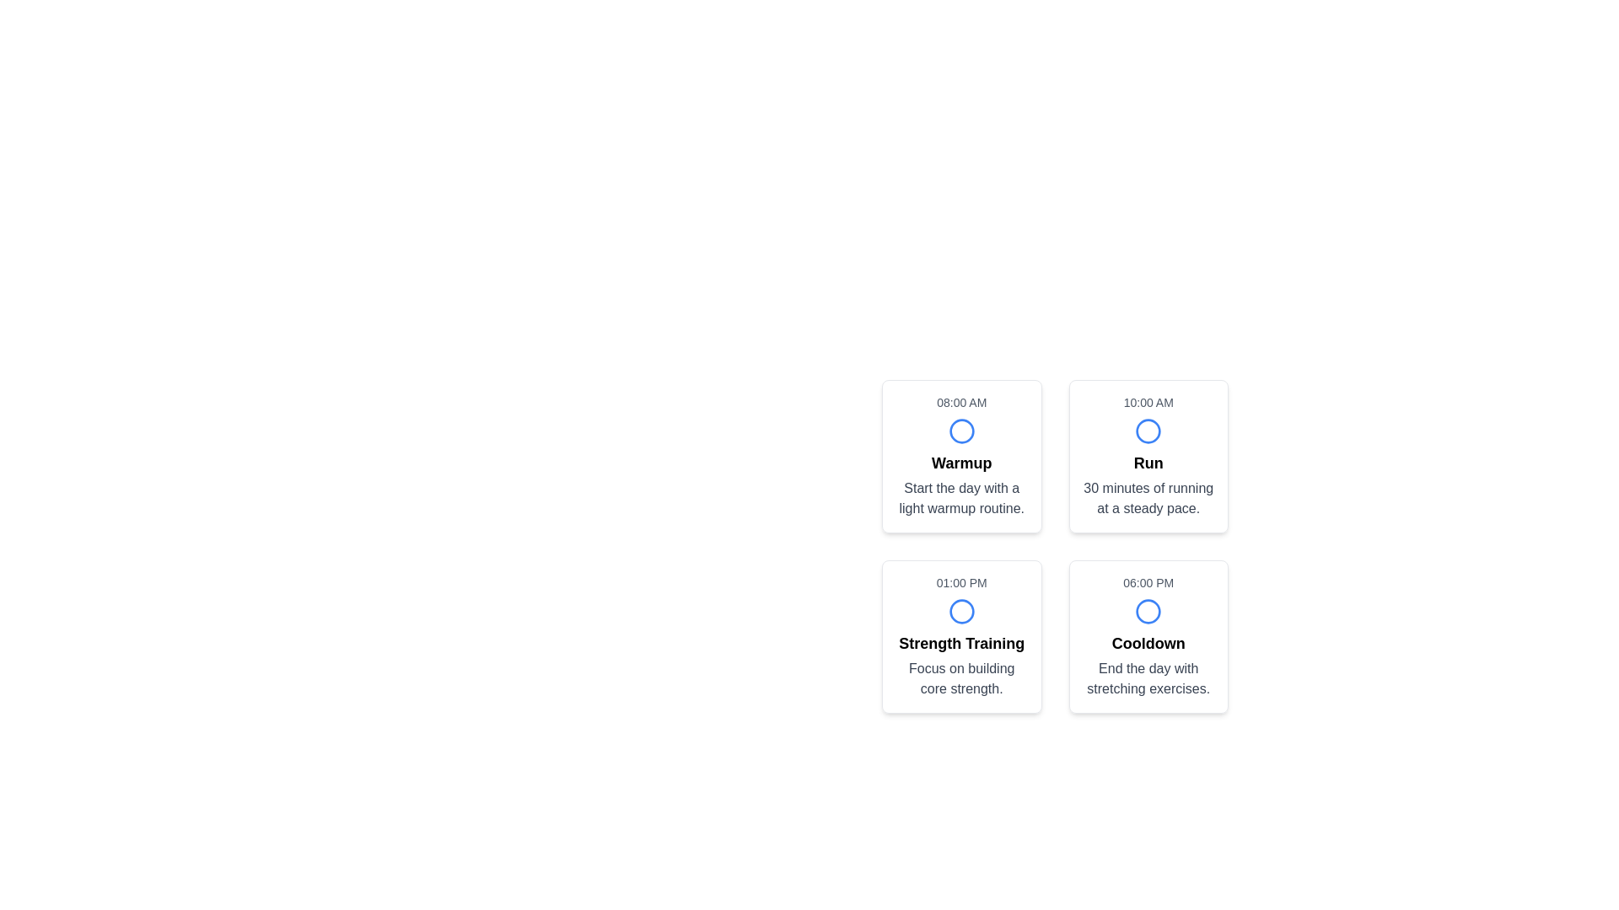 This screenshot has width=1619, height=910. Describe the element at coordinates (1148, 457) in the screenshot. I see `the informational card representing a fitness activity schedule entry, located in the top-right position of the grid layout, adjacent to 'Warmup' and above 'Cooldown'` at that location.